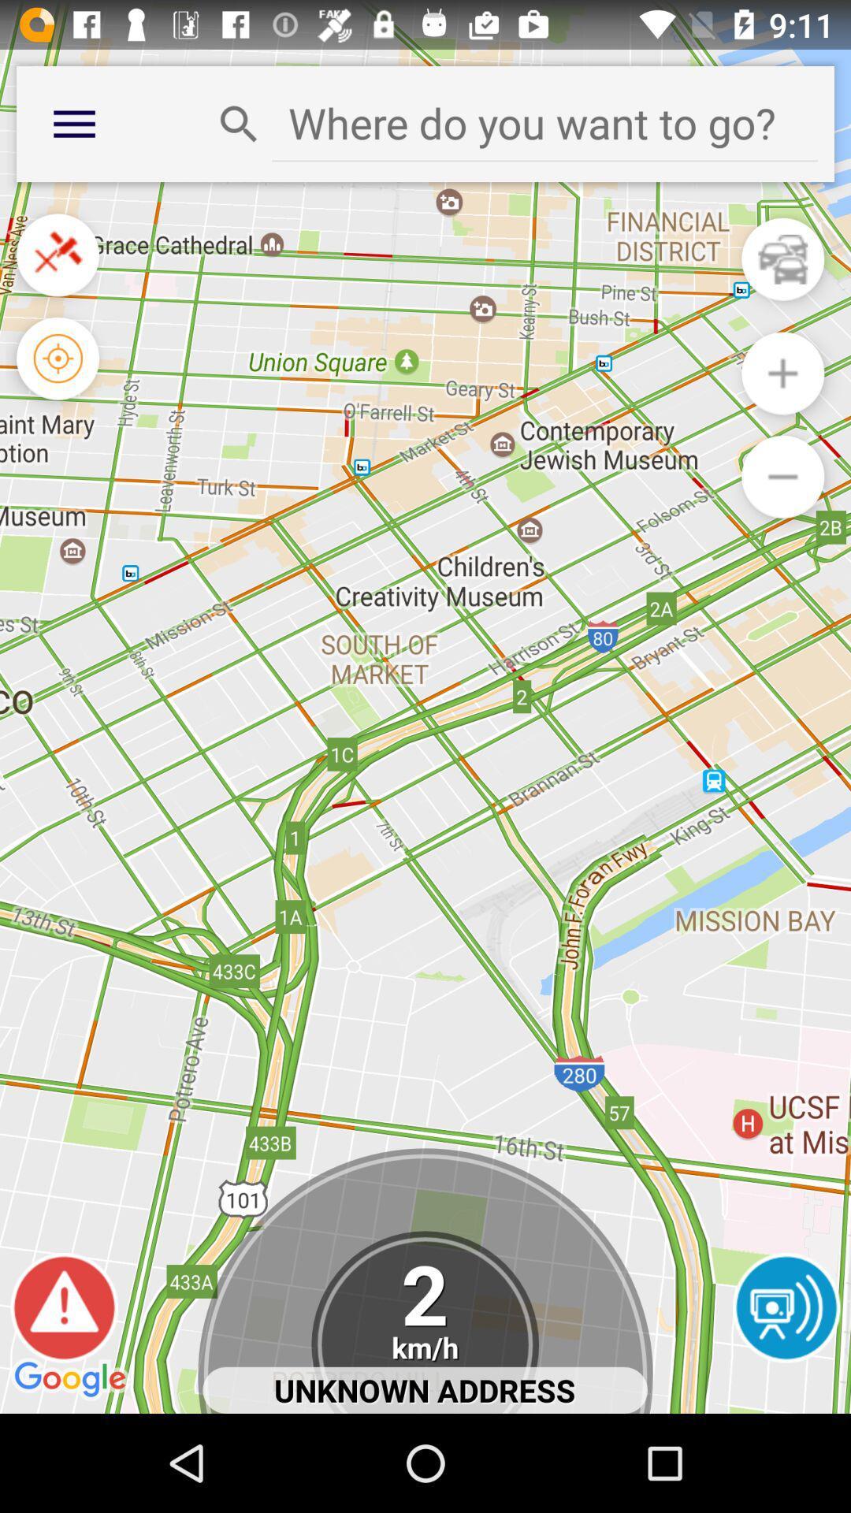  I want to click on the add icon, so click(782, 400).